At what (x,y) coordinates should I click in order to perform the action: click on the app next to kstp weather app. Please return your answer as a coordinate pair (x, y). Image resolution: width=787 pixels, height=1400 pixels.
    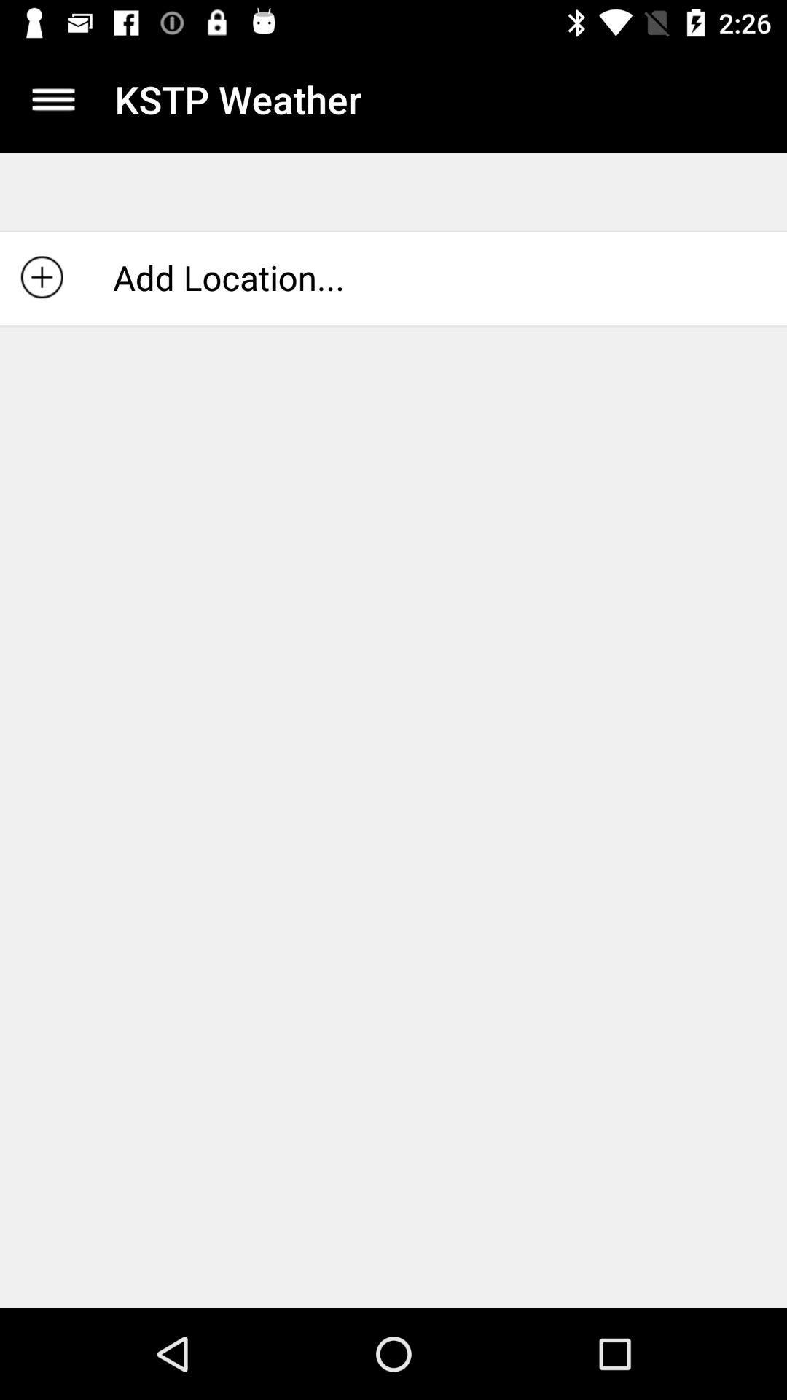
    Looking at the image, I should click on (52, 98).